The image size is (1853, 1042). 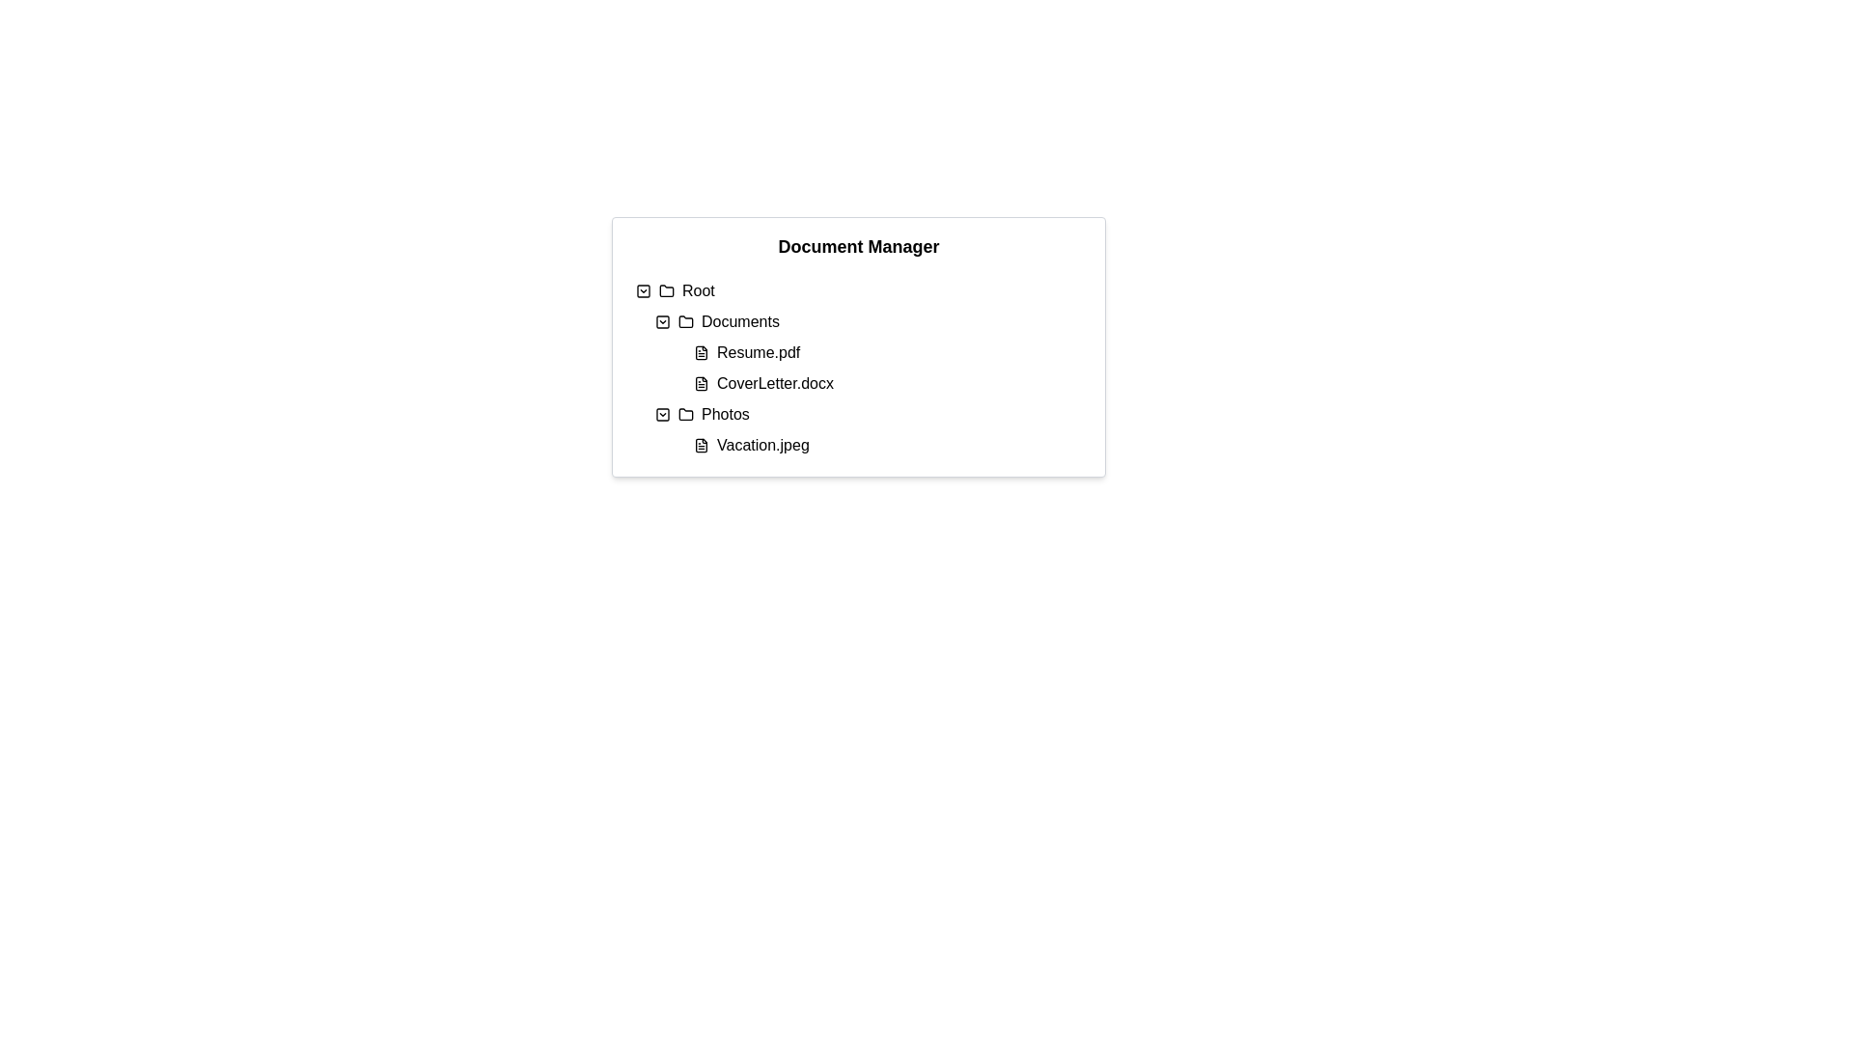 What do you see at coordinates (868, 353) in the screenshot?
I see `the file entry labeled 'Resume.pdf'` at bounding box center [868, 353].